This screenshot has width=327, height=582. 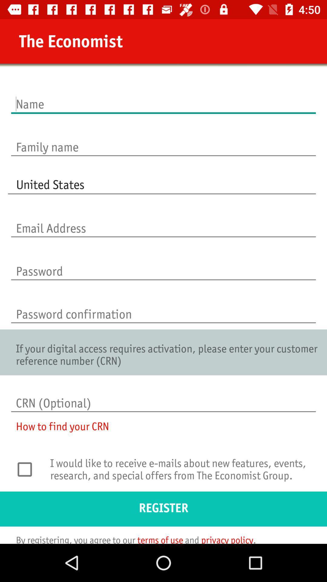 What do you see at coordinates (163, 98) in the screenshot?
I see `user 's first name` at bounding box center [163, 98].